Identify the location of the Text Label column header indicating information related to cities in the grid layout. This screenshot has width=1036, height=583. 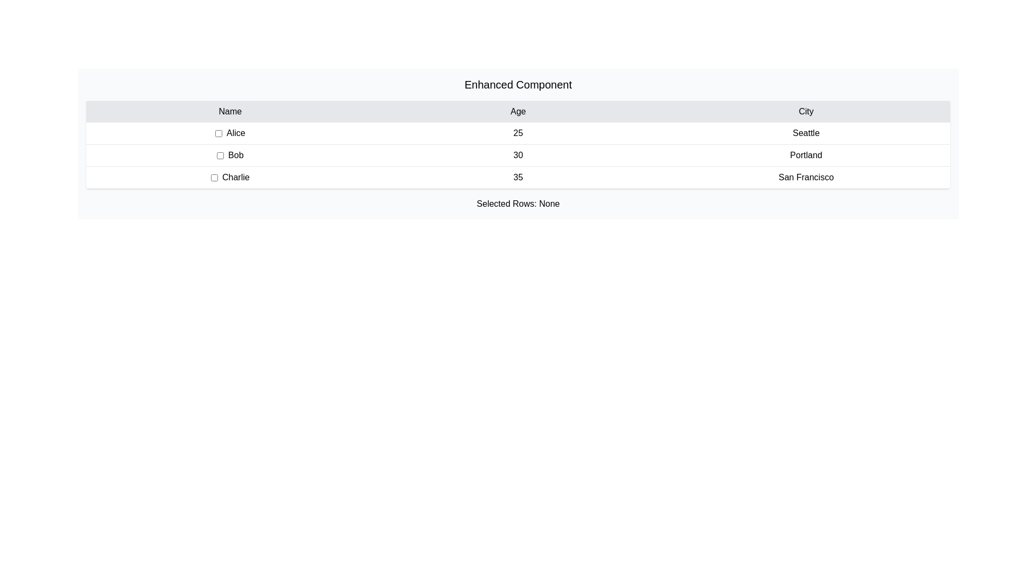
(806, 112).